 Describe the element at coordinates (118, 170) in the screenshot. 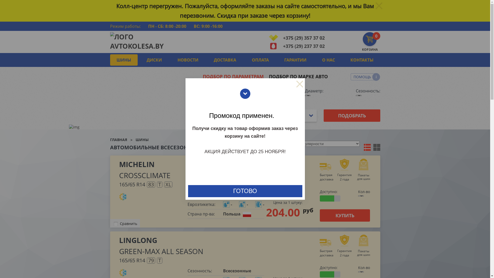

I see `'MICHELIN` at that location.